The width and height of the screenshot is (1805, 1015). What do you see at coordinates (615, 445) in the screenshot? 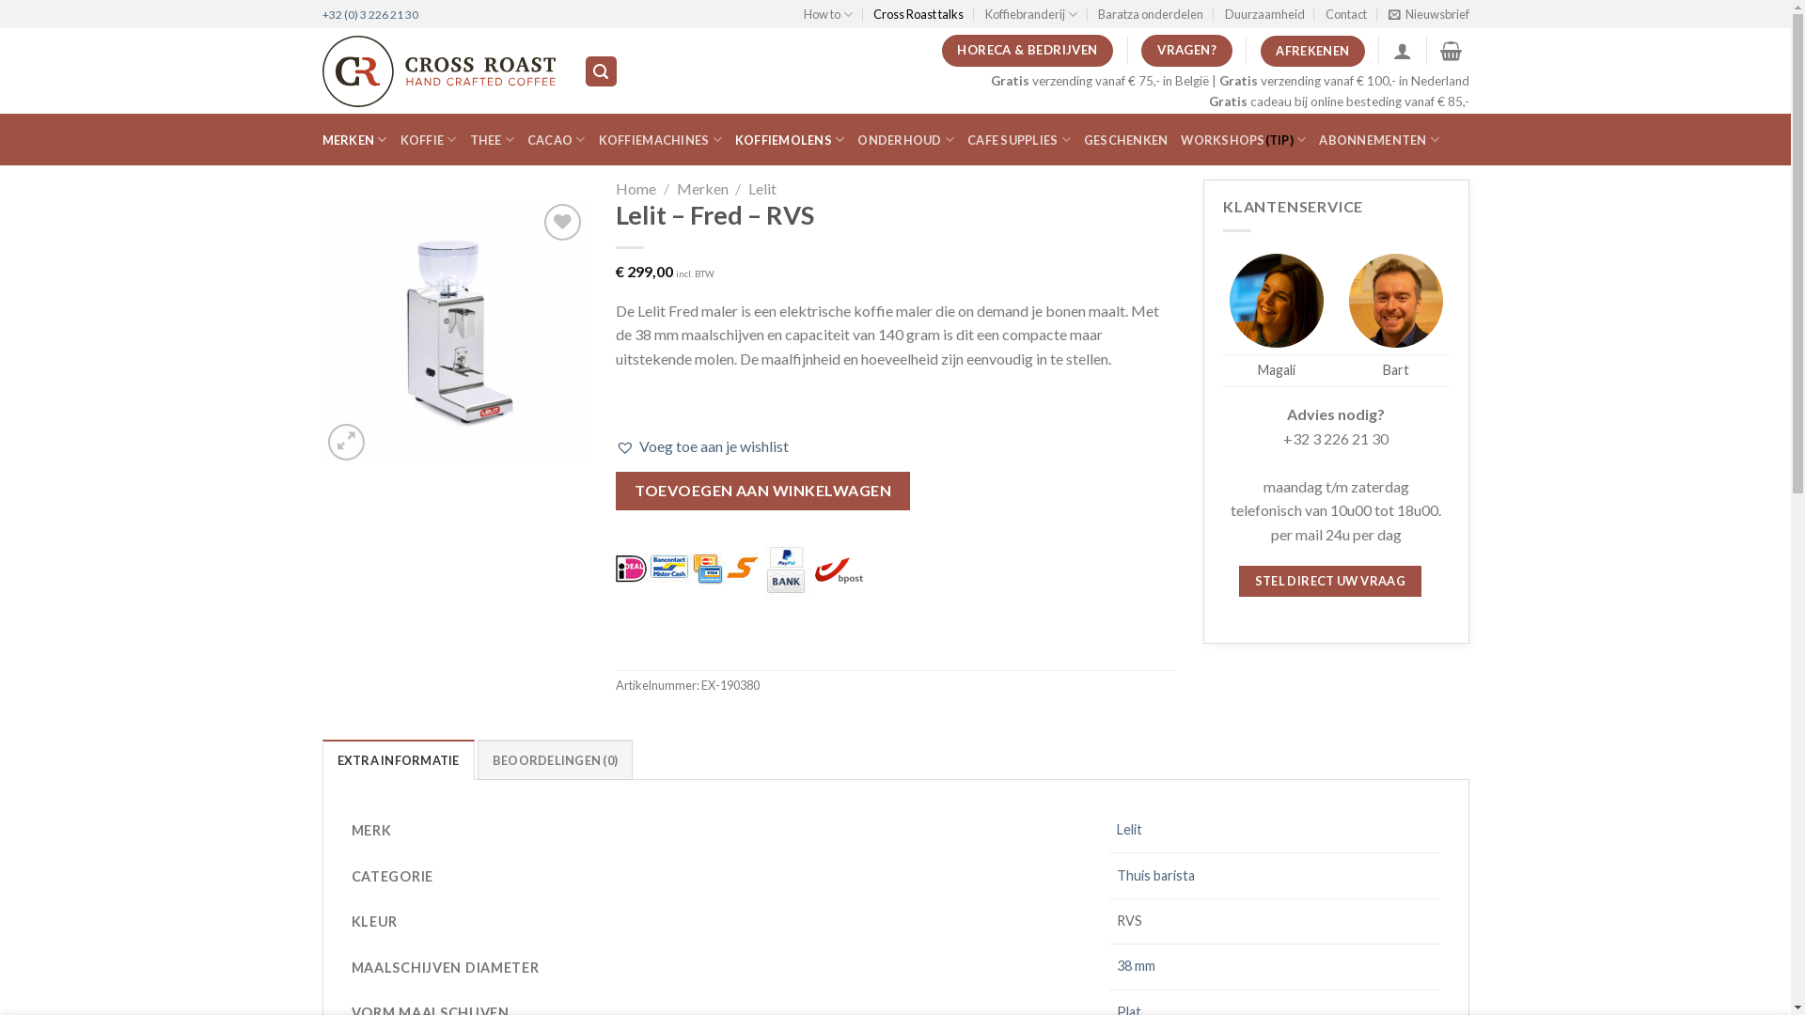
I see `'Voeg toe aan je wishlist'` at bounding box center [615, 445].